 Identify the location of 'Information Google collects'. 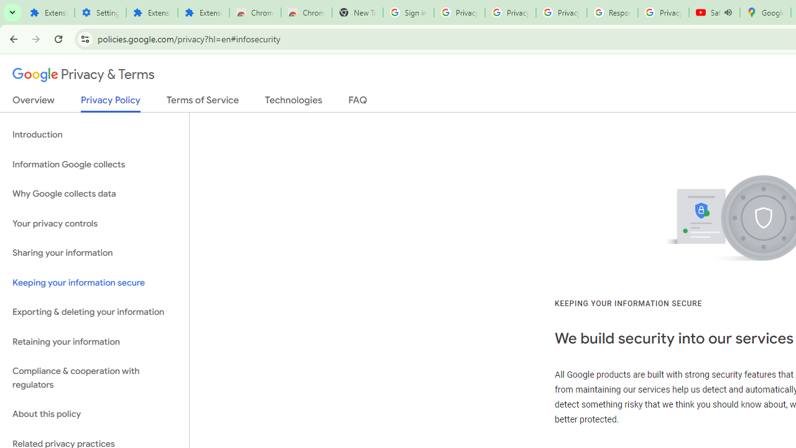
(94, 164).